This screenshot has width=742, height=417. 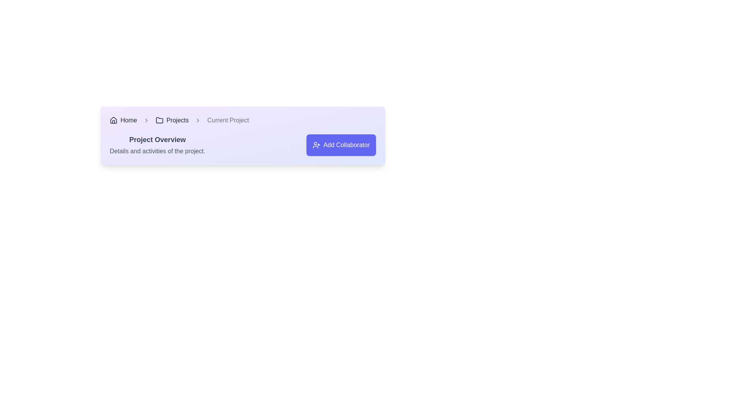 I want to click on the 'Add Collaborator' button with a blue background and white text, so click(x=341, y=145).